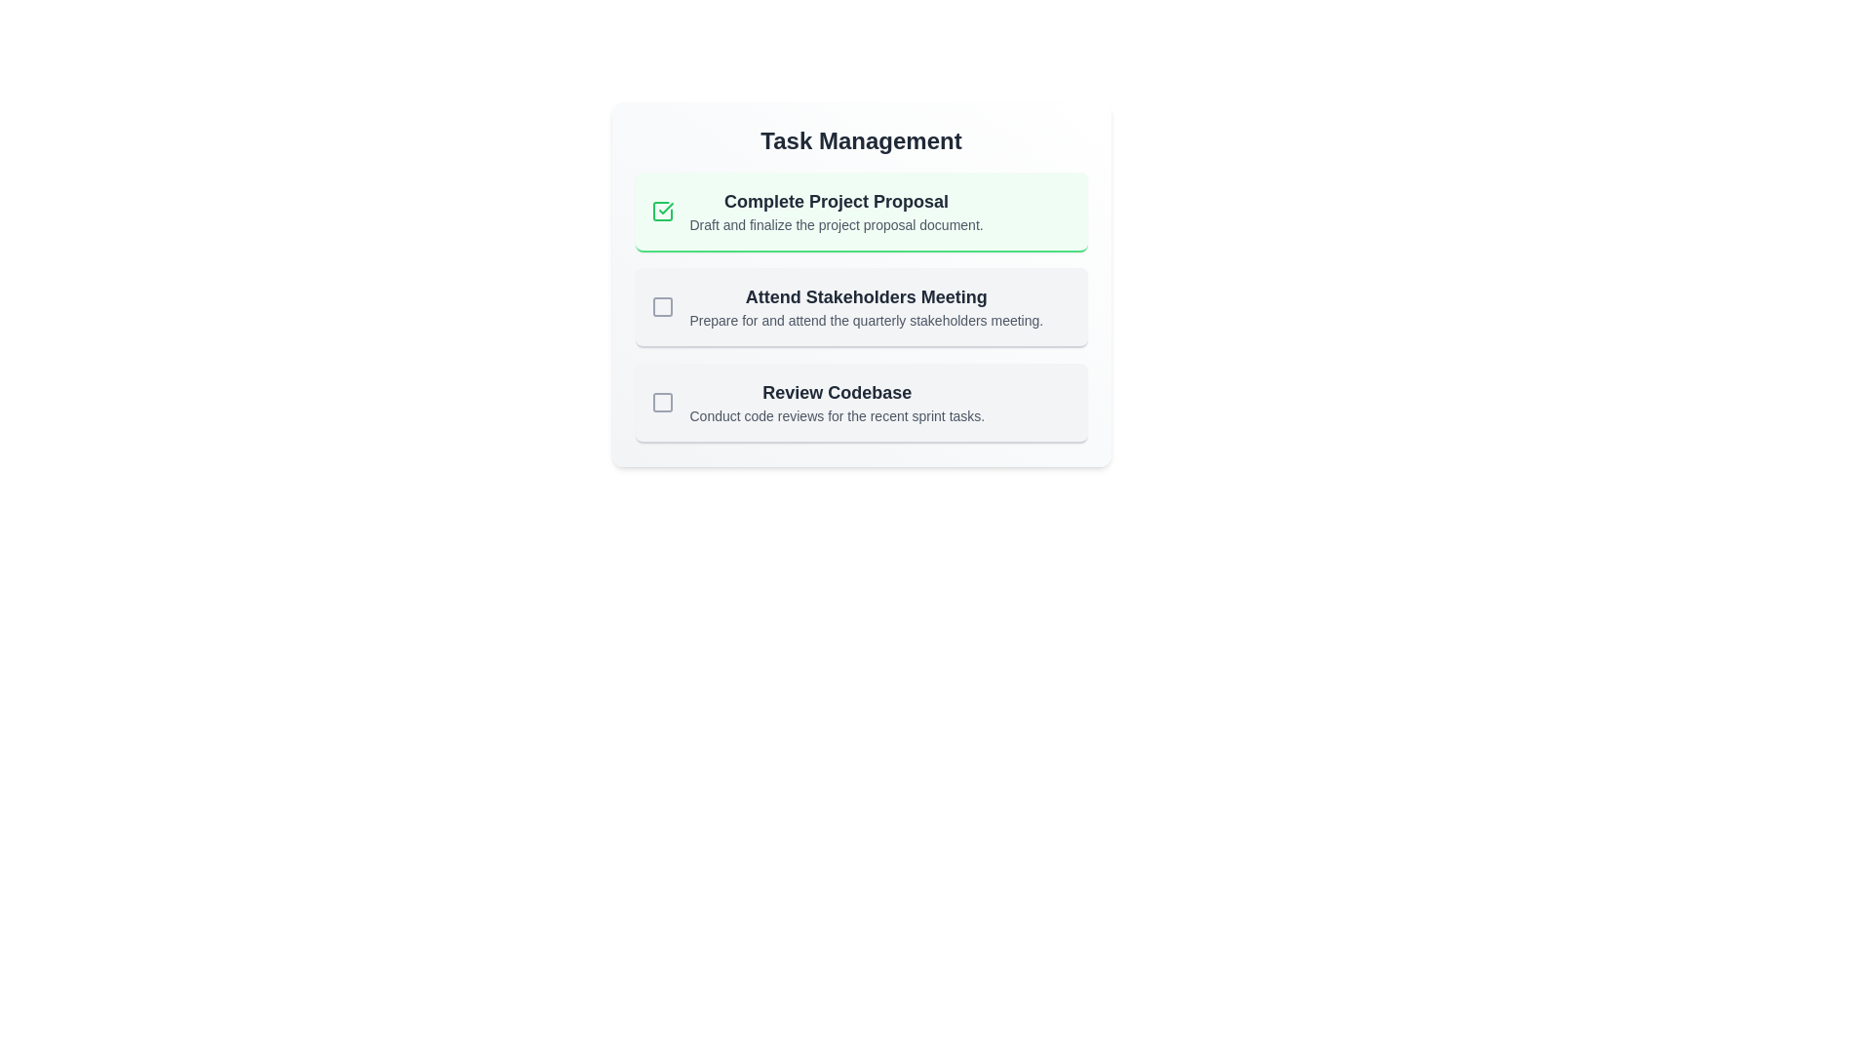  I want to click on the list of items with titles and descriptions, so click(860, 307).